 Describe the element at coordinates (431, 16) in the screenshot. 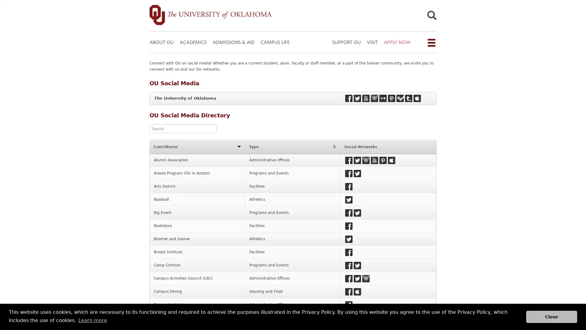

I see `Open Search` at that location.